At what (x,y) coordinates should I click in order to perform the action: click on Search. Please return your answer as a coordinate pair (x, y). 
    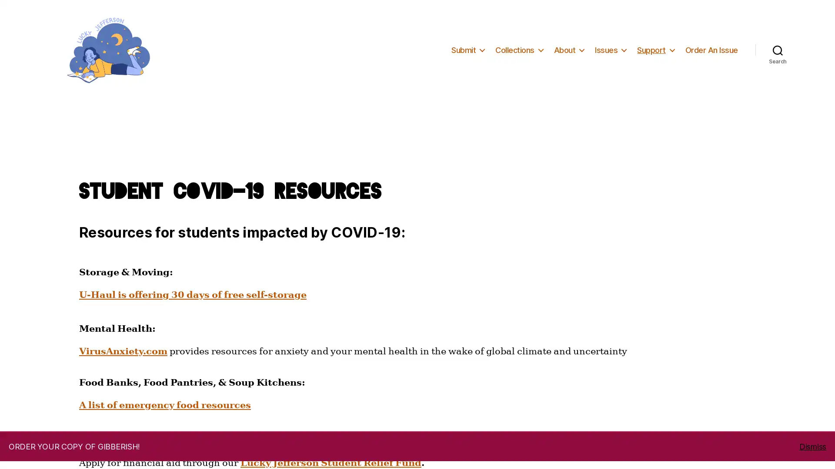
    Looking at the image, I should click on (778, 50).